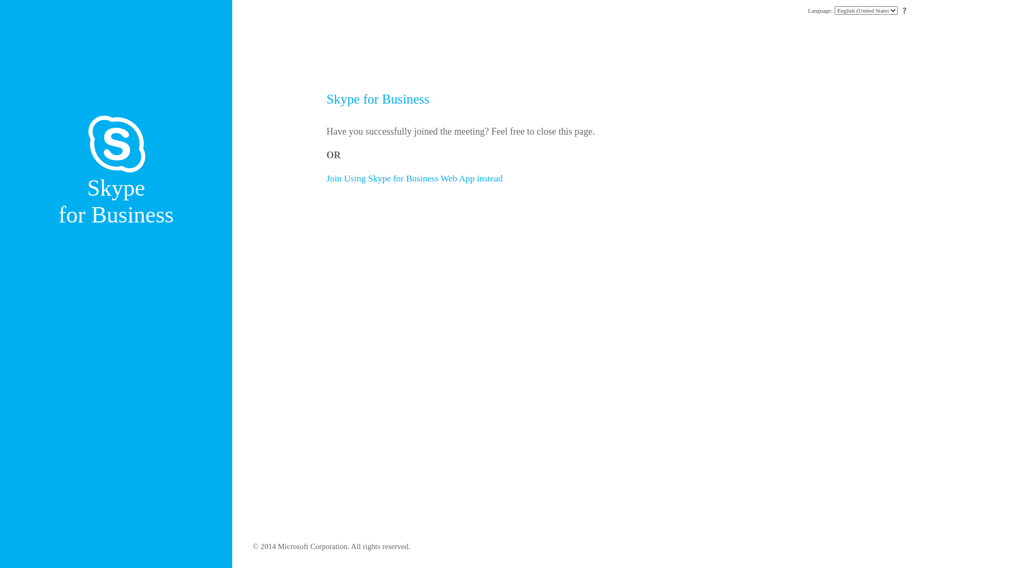  I want to click on 'Online Help', so click(904, 10).